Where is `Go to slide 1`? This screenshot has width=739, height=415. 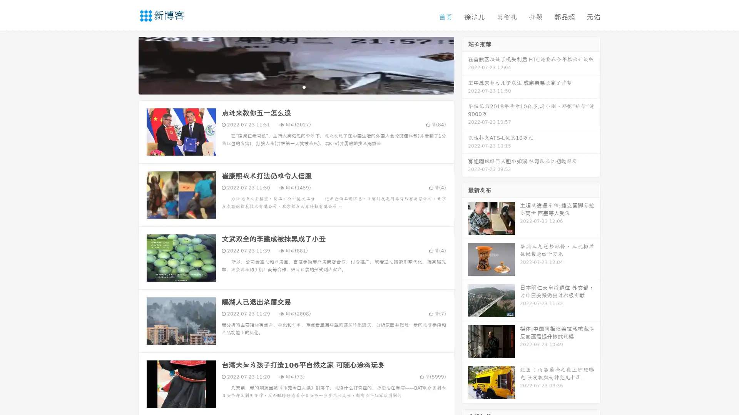
Go to slide 1 is located at coordinates (288, 86).